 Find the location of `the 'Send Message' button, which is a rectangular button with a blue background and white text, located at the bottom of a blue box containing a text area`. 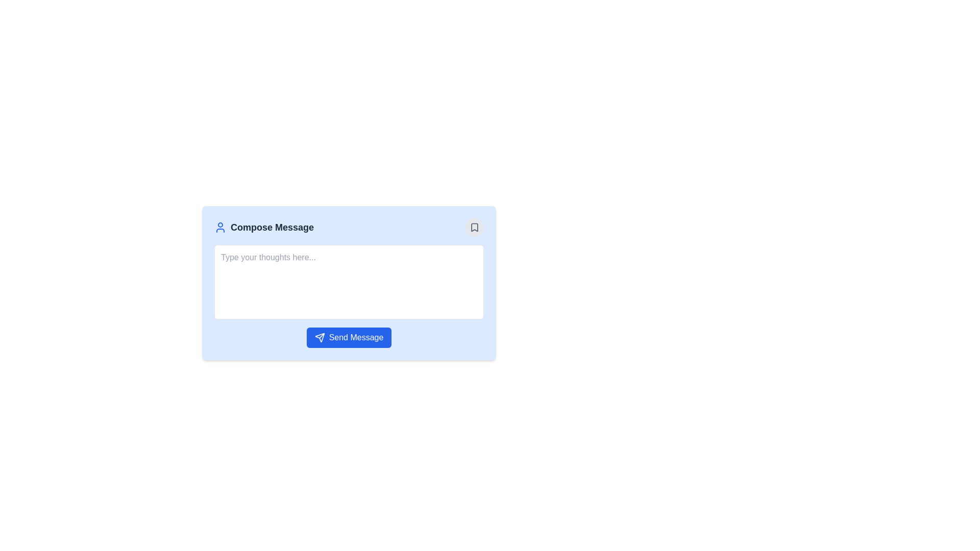

the 'Send Message' button, which is a rectangular button with a blue background and white text, located at the bottom of a blue box containing a text area is located at coordinates (349, 338).